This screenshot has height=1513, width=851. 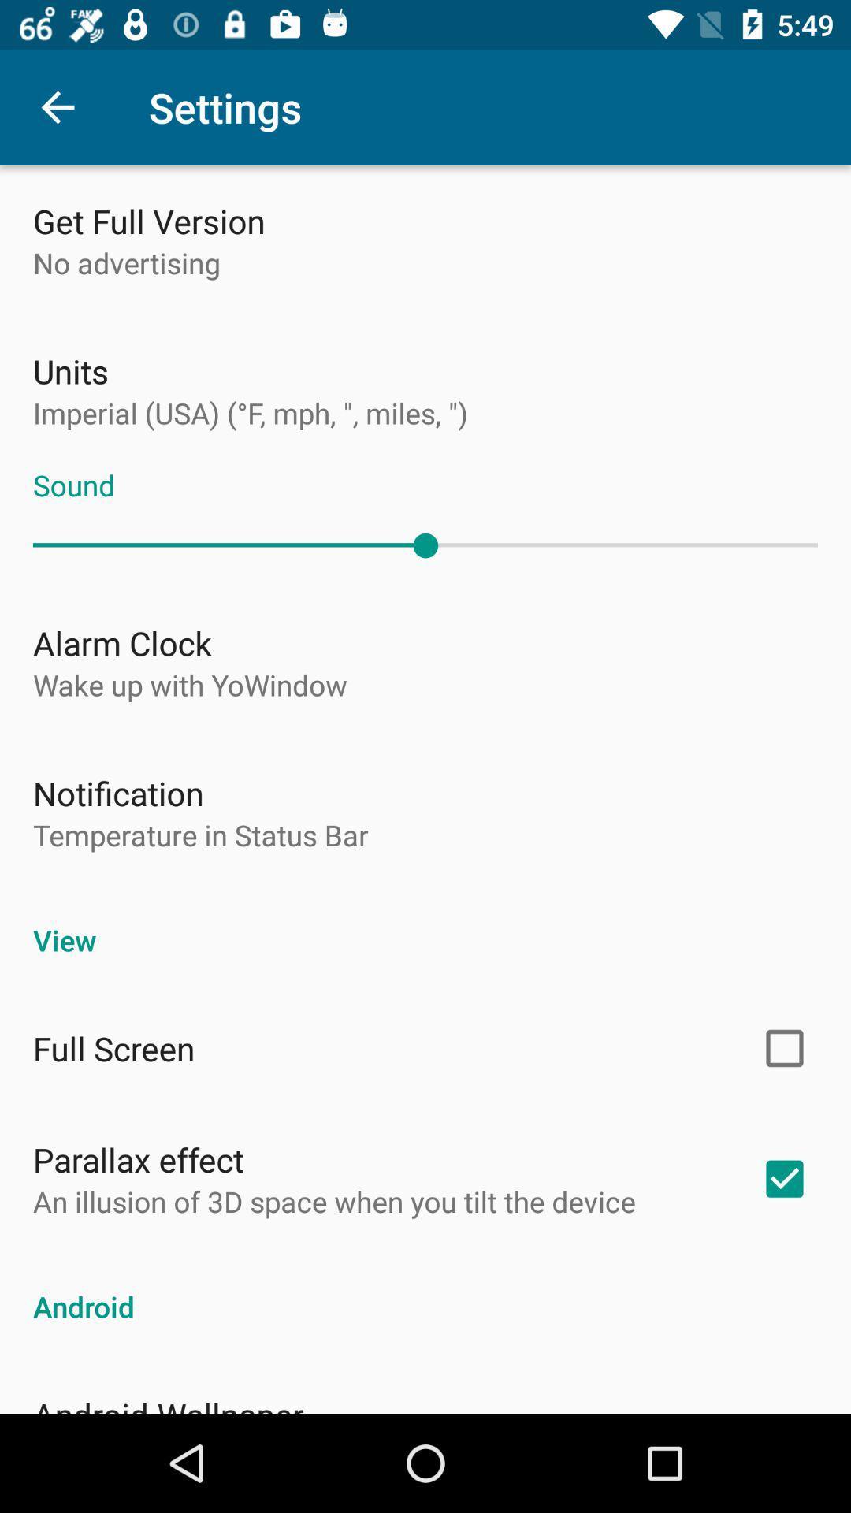 I want to click on icon to the left of settings icon, so click(x=57, y=106).